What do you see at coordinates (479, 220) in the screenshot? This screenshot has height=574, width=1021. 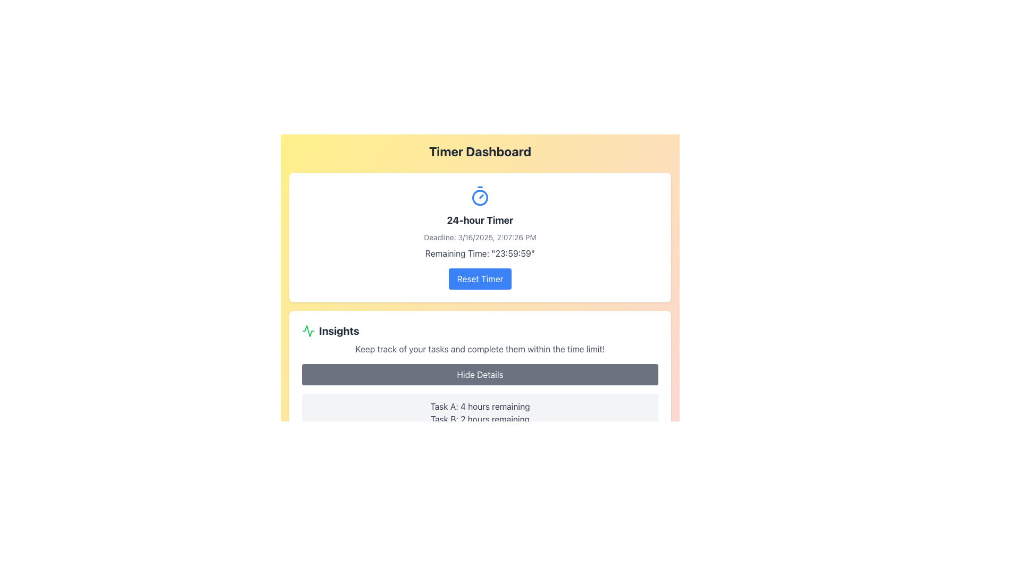 I see `the Text Label that serves as the title for the 24-hour timer feature, positioned beneath the circular timer icon` at bounding box center [479, 220].